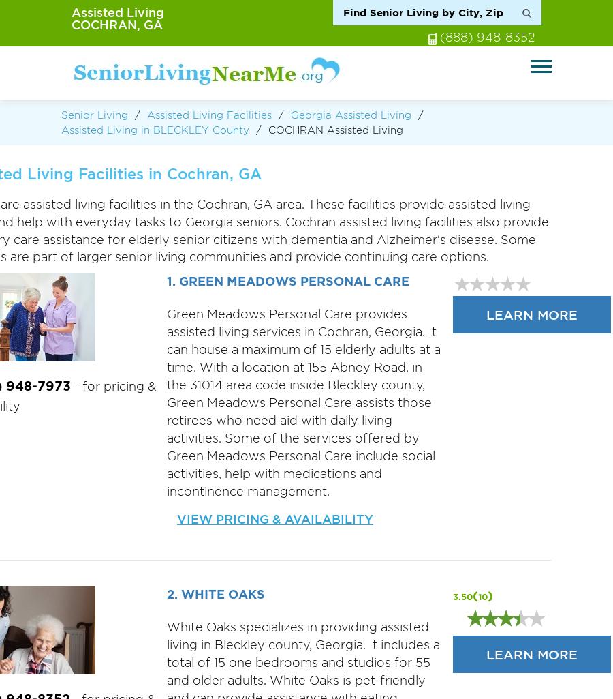 This screenshot has width=613, height=699. Describe the element at coordinates (452, 597) in the screenshot. I see `'3.50'` at that location.